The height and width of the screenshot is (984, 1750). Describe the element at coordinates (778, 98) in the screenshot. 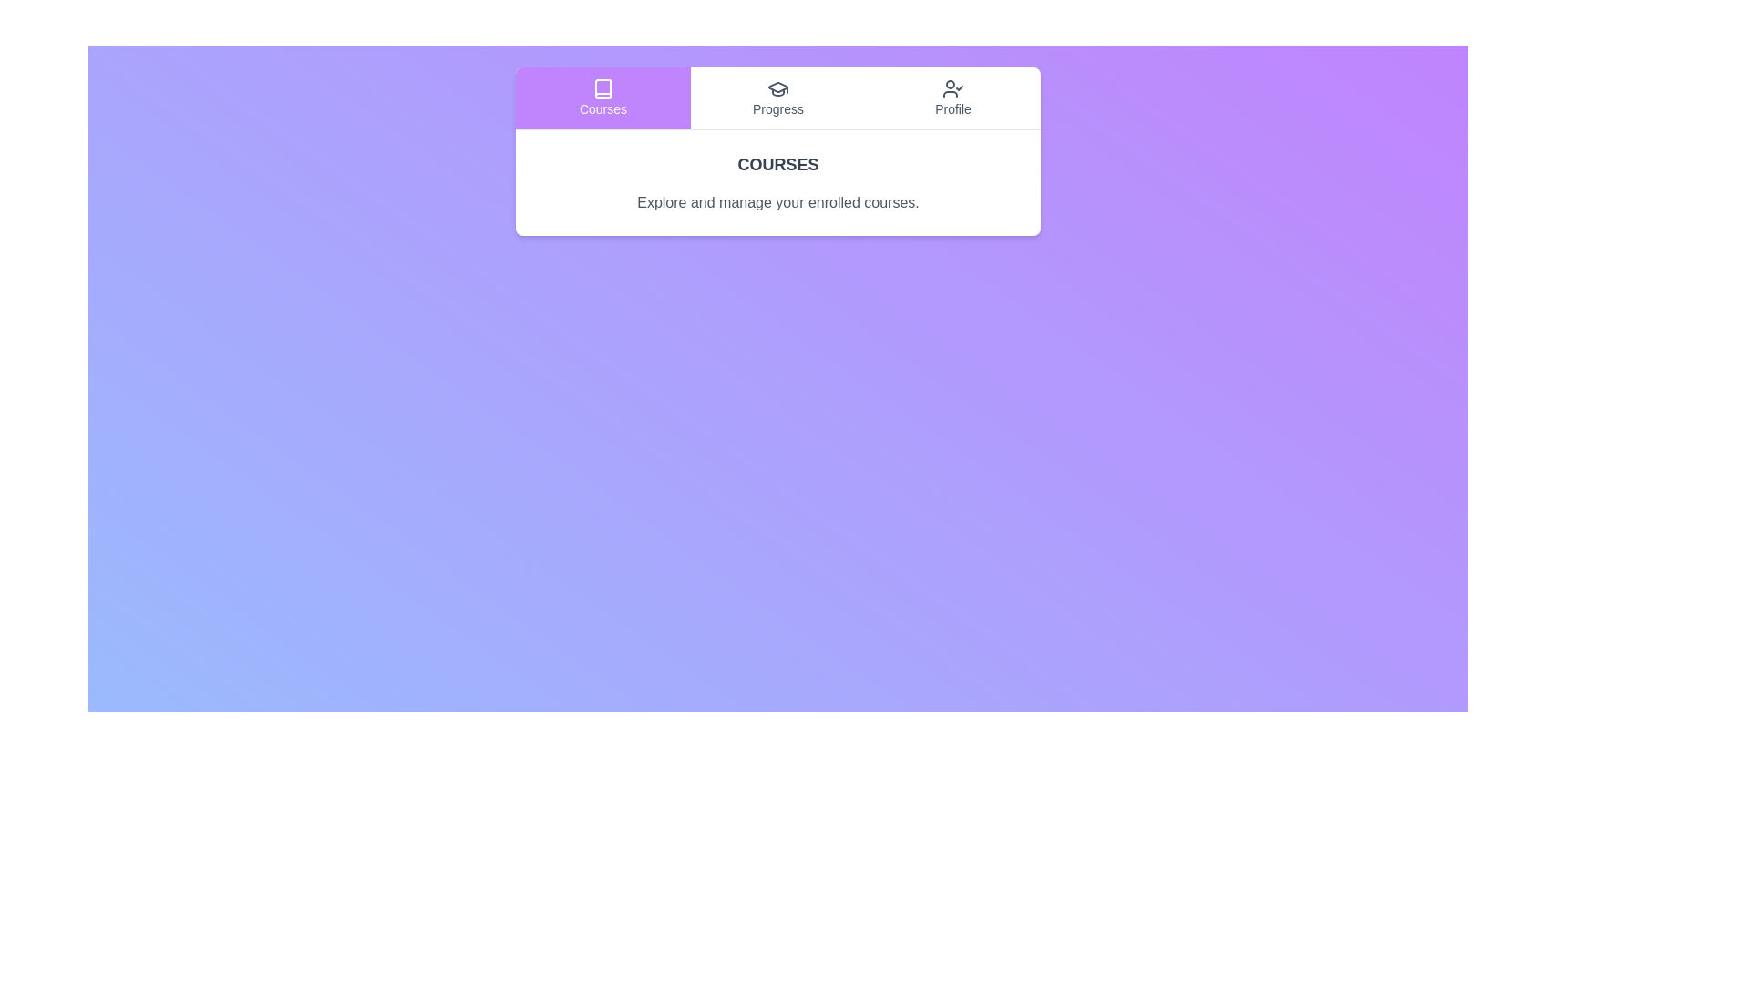

I see `the Progress tab by clicking on its button` at that location.